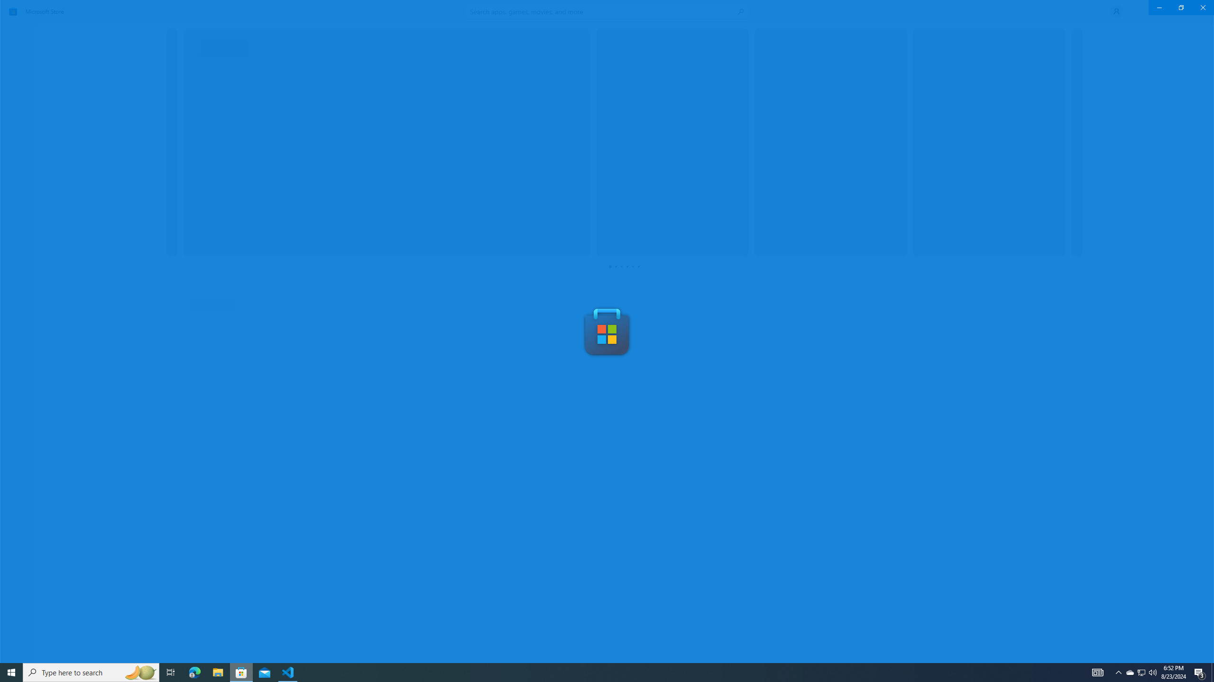 This screenshot has width=1214, height=682. Describe the element at coordinates (607, 331) in the screenshot. I see `'AutomationID: NavigationControl'` at that location.